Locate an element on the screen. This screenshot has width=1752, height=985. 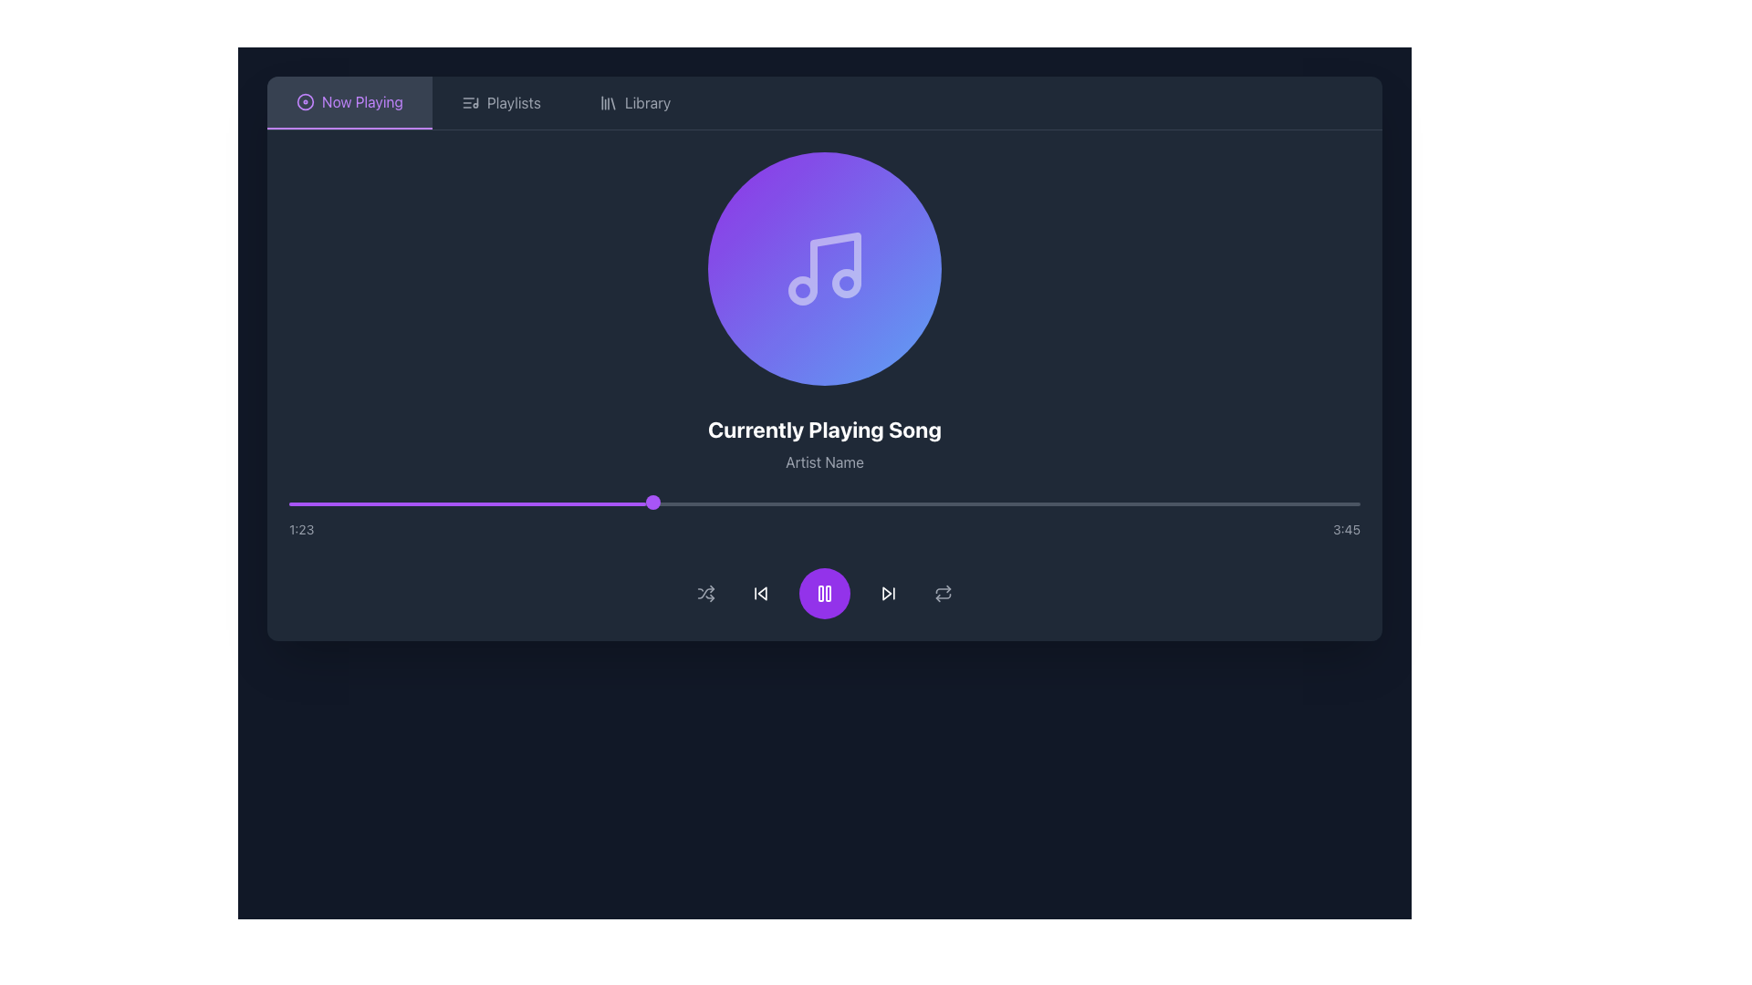
the small filled circle located within the larger music note icon, which is positioned in the upper-center region of the application interface and is the rightmost of three circular components is located at coordinates (845, 284).